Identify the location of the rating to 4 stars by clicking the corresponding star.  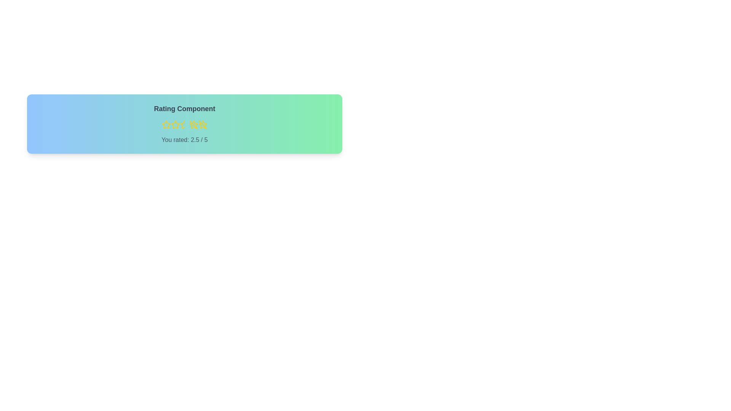
(193, 124).